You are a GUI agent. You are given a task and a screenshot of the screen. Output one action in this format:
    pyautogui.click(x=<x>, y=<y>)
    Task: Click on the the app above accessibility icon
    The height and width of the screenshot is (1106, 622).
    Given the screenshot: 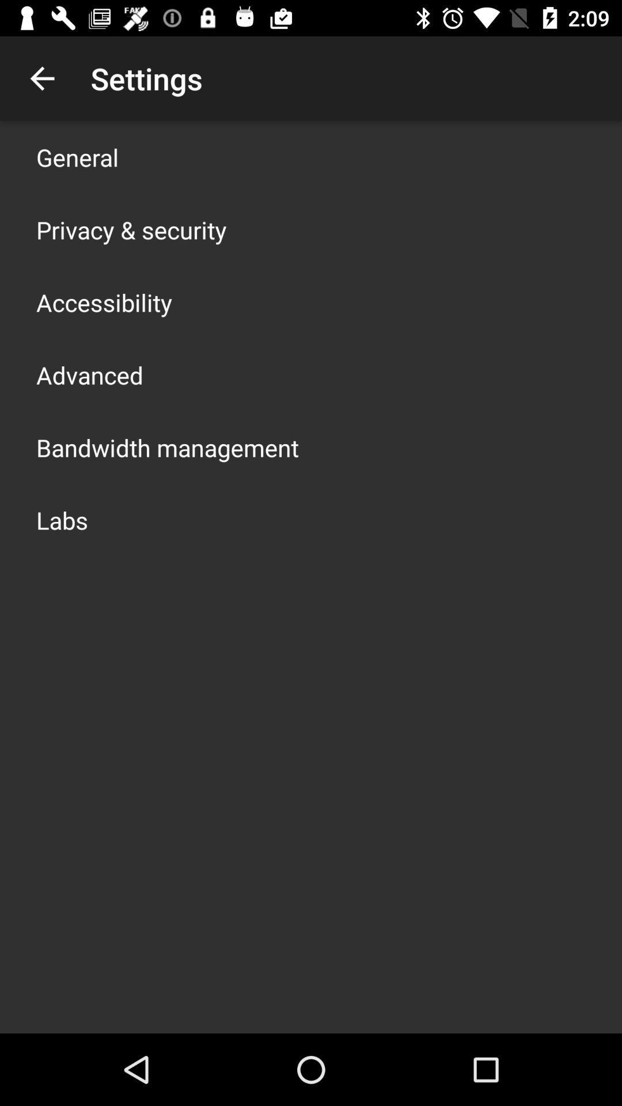 What is the action you would take?
    pyautogui.click(x=131, y=229)
    